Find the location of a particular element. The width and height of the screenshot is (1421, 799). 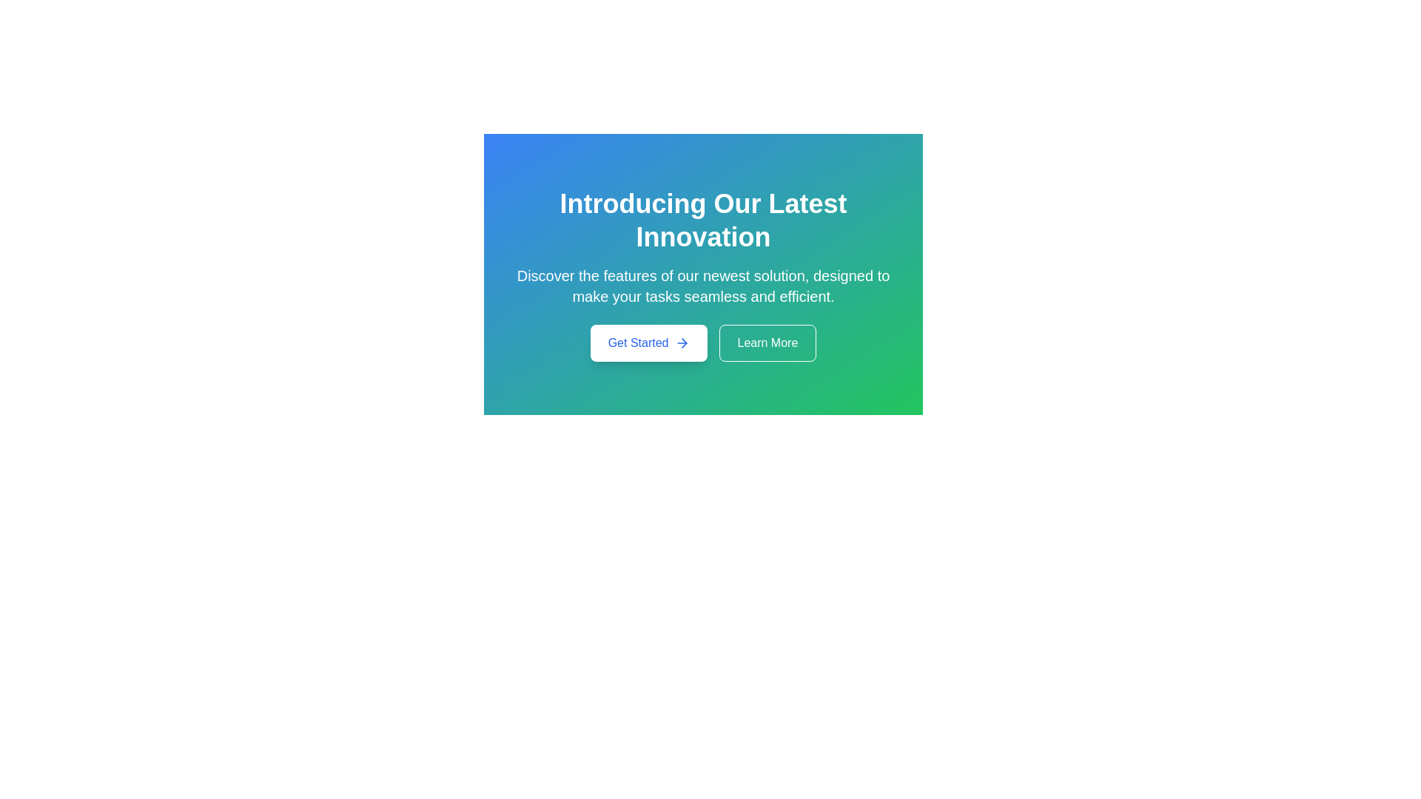

the arrow icon located to the right of the 'Get Started' button in the bottom-left portion of the modal is located at coordinates (681, 343).